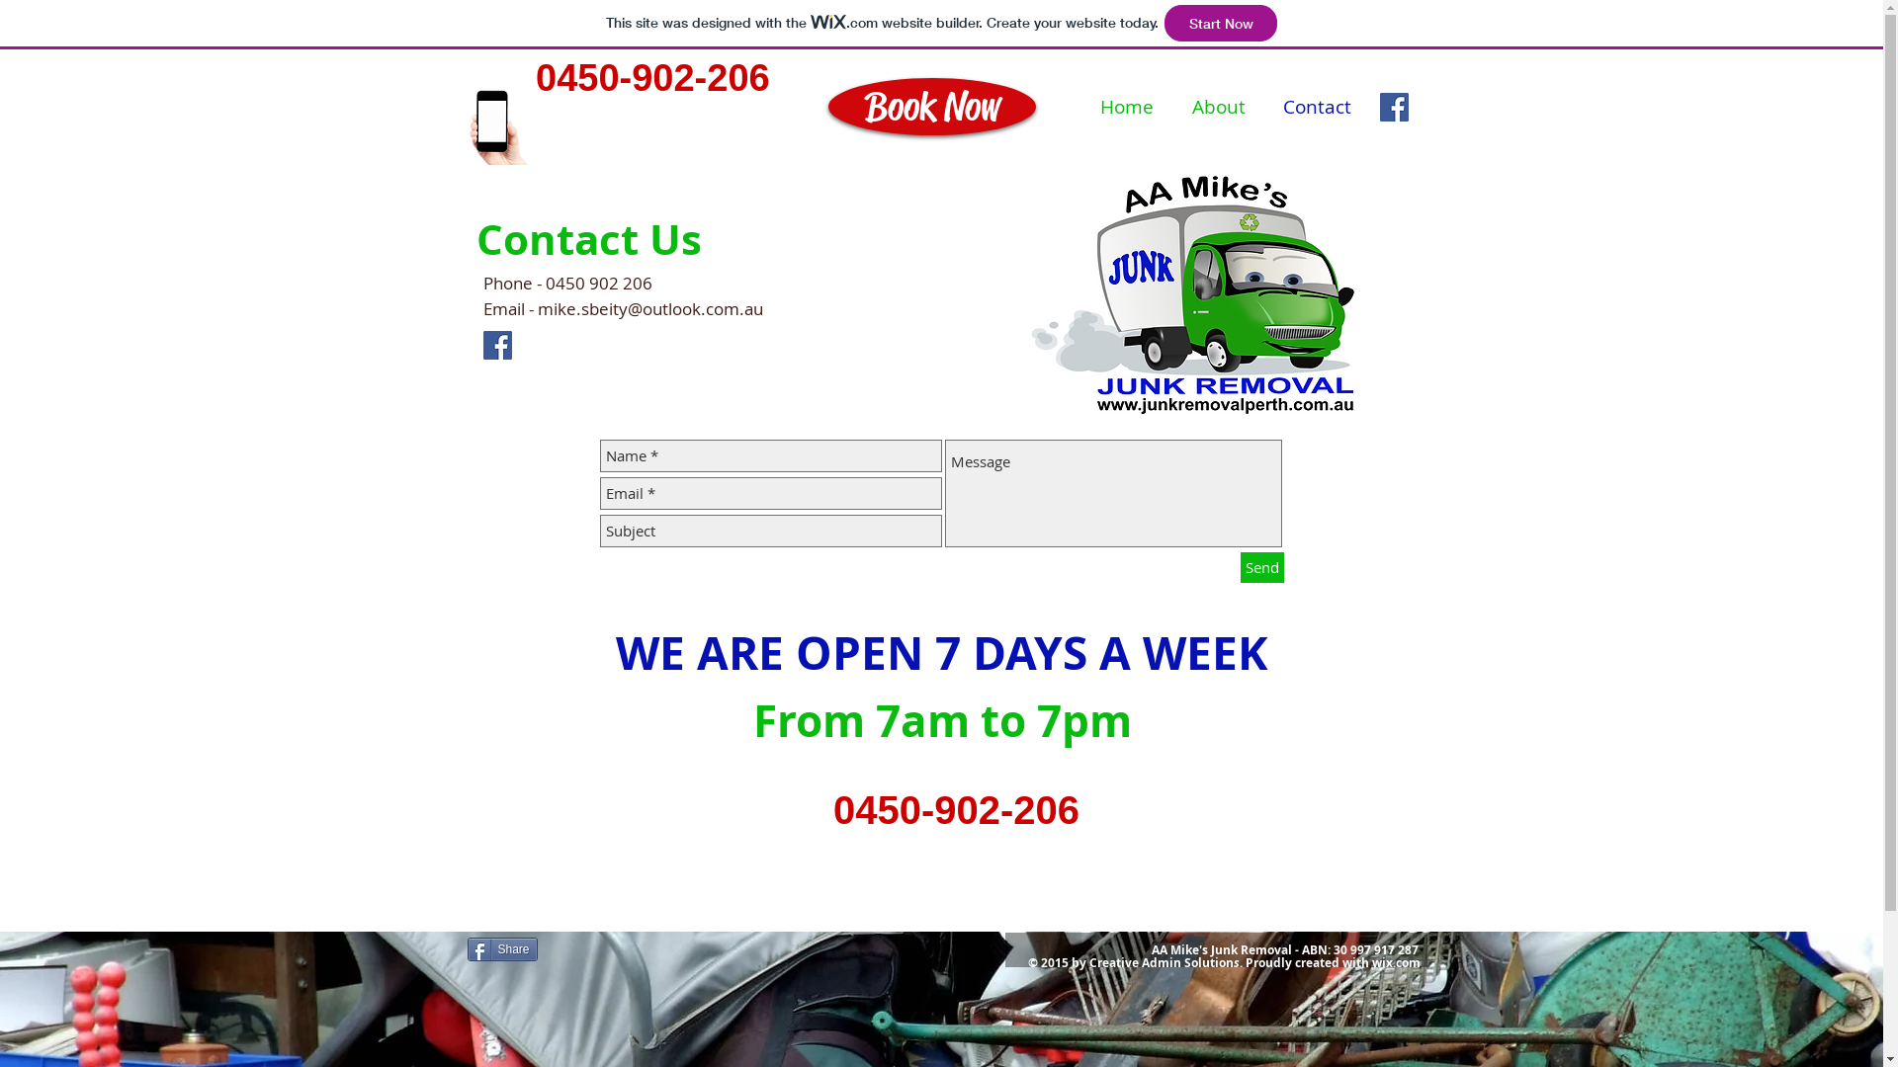  Describe the element at coordinates (930, 107) in the screenshot. I see `'Book Now'` at that location.